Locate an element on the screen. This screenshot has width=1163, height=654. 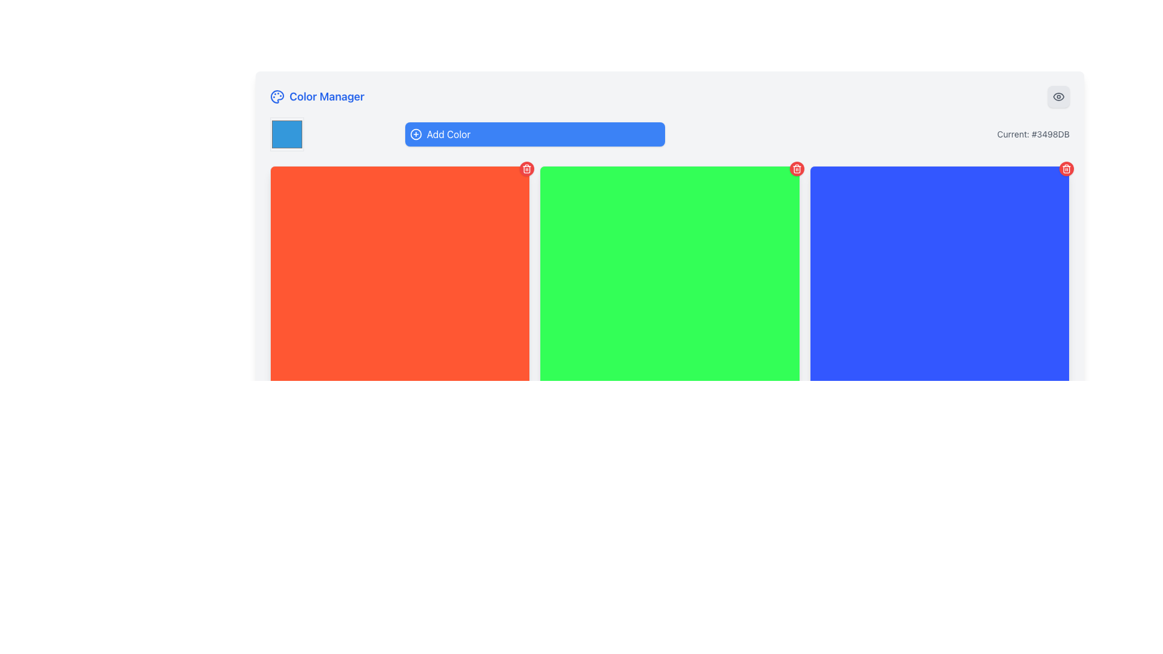
the 'Add Color' button in the Color Manager section for keyboard interaction is located at coordinates (669, 134).